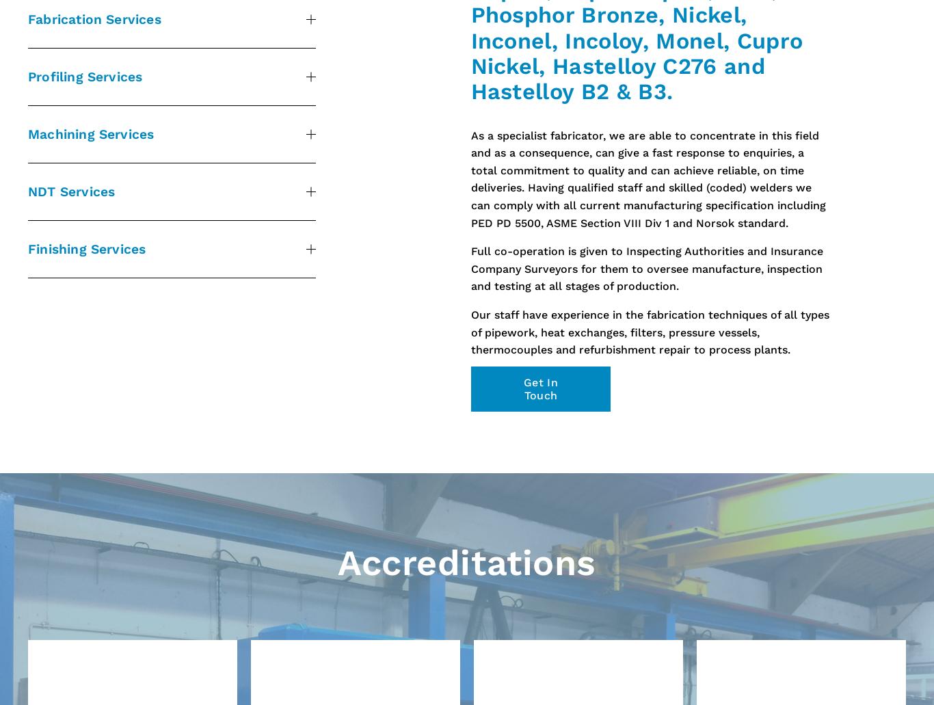 This screenshot has width=934, height=705. What do you see at coordinates (85, 248) in the screenshot?
I see `'Finishing Services'` at bounding box center [85, 248].